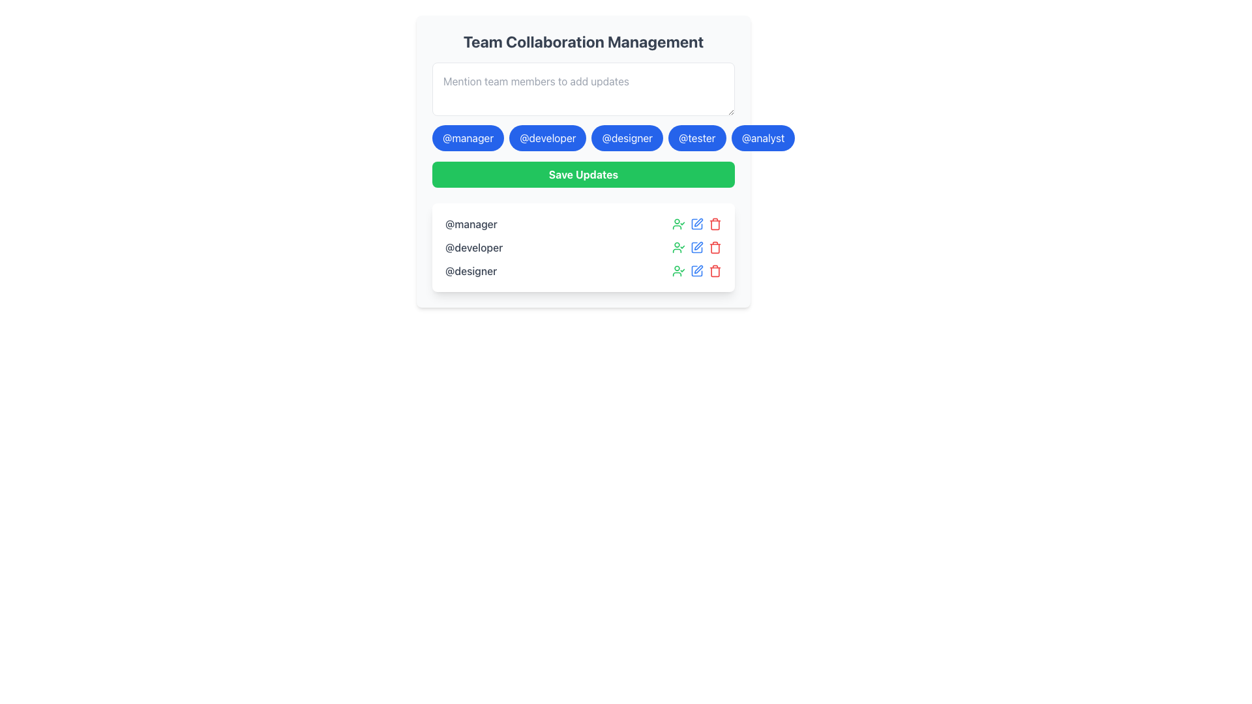 The width and height of the screenshot is (1252, 704). What do you see at coordinates (698, 222) in the screenshot?
I see `the edit pen icon, which is a minimal vector graphic styled with a thin stroke, located near the right end of the icon set corresponding to the '@manager' entry in the list` at bounding box center [698, 222].